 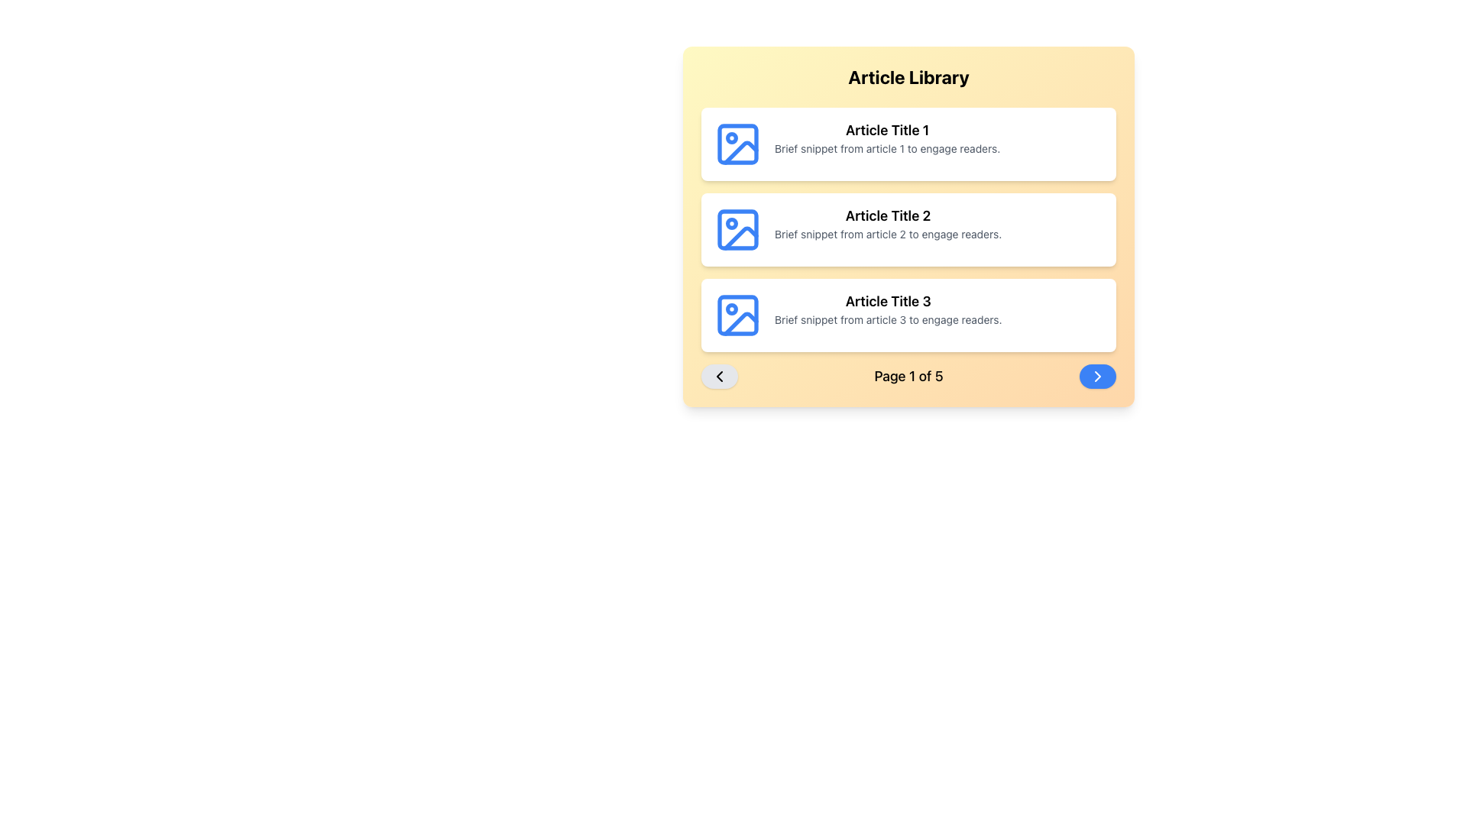 What do you see at coordinates (908, 76) in the screenshot?
I see `the header text indicating the purpose of the library of articles, which is positioned at the top of the section with a rounded rectangular background` at bounding box center [908, 76].